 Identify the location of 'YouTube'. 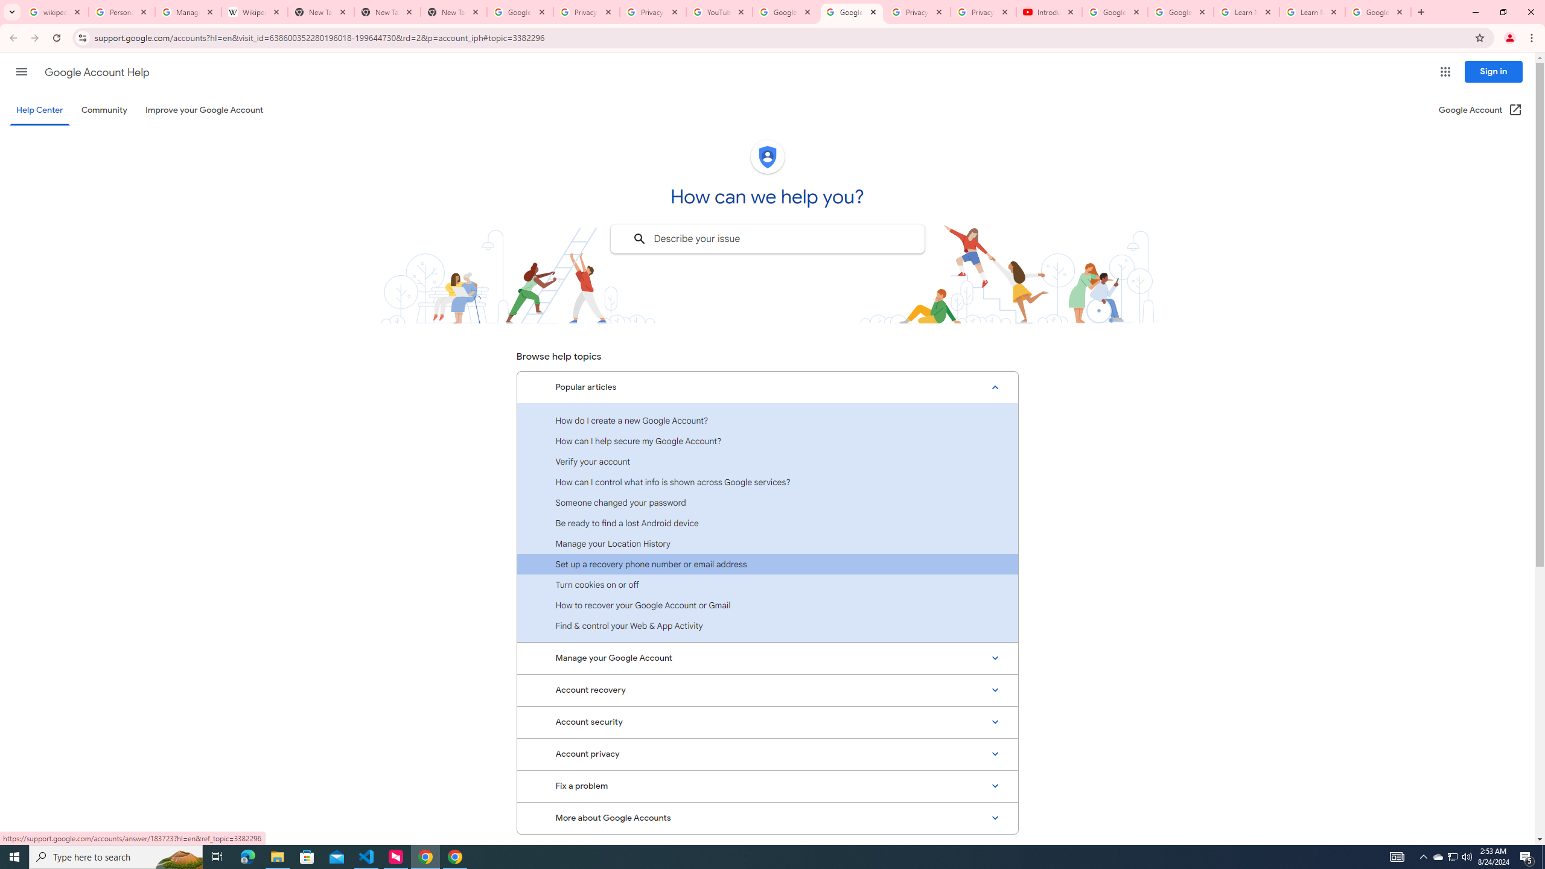
(719, 11).